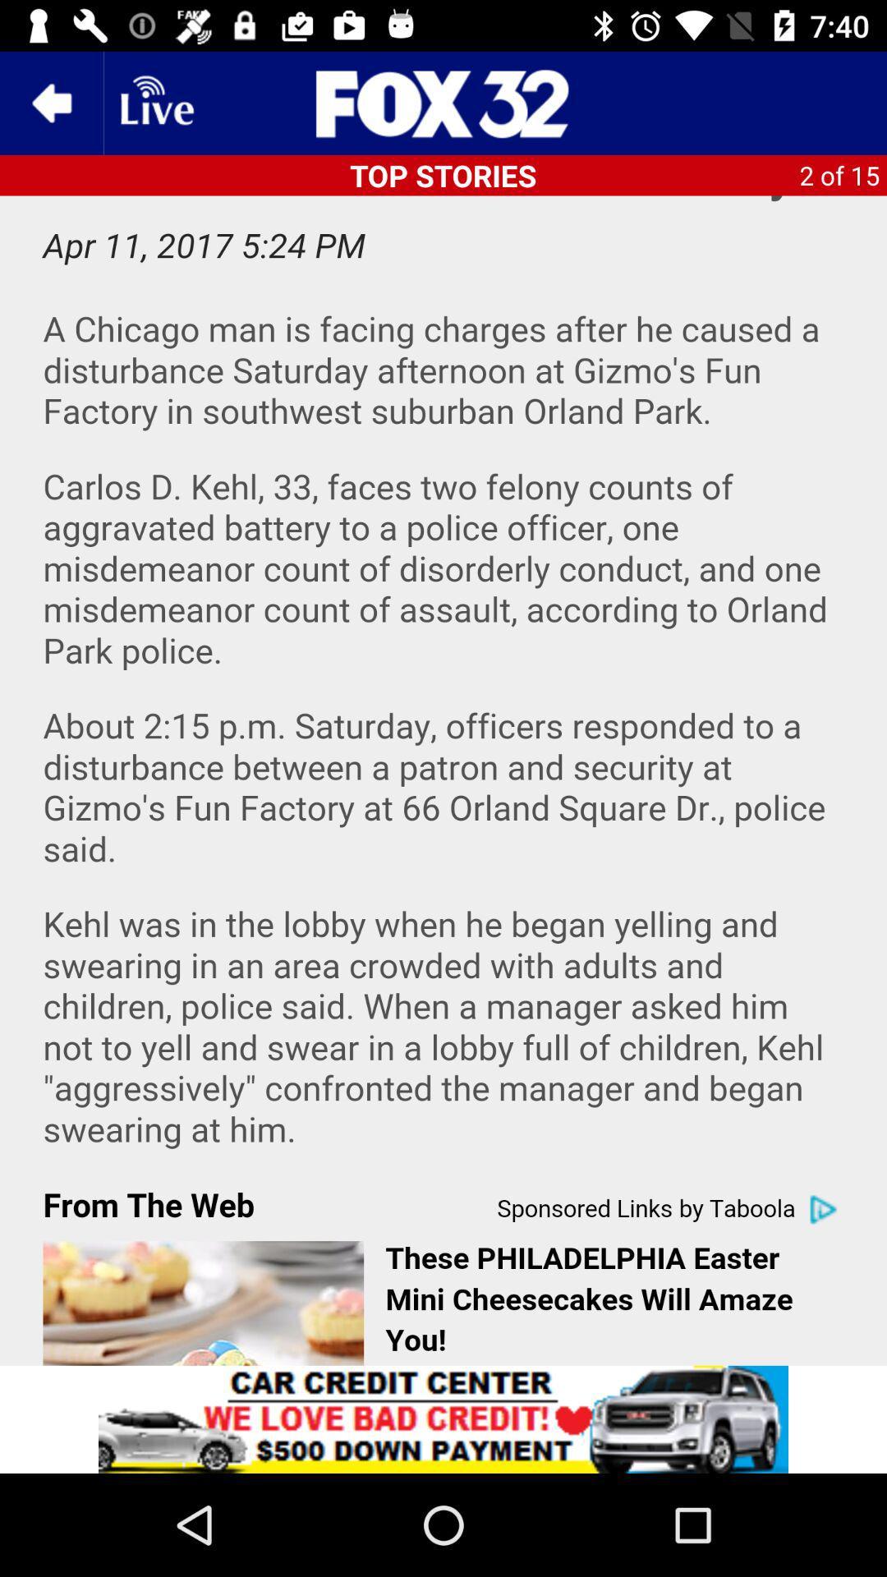 The width and height of the screenshot is (887, 1577). Describe the element at coordinates (50, 102) in the screenshot. I see `back screen` at that location.